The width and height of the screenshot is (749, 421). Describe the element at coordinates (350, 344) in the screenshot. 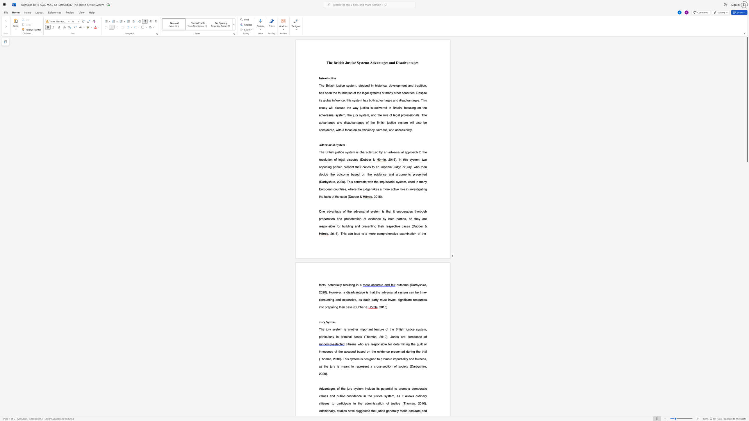

I see `the subset text "zens" within the text "citizens who"` at that location.